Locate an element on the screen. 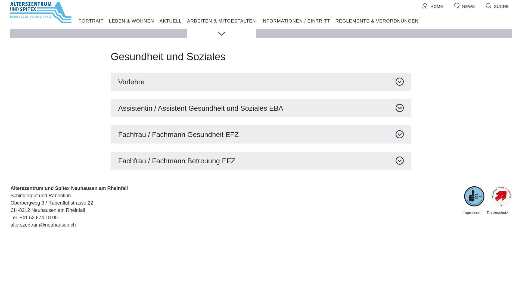  'INFORMATIONEN / EINTRITT' is located at coordinates (295, 21).